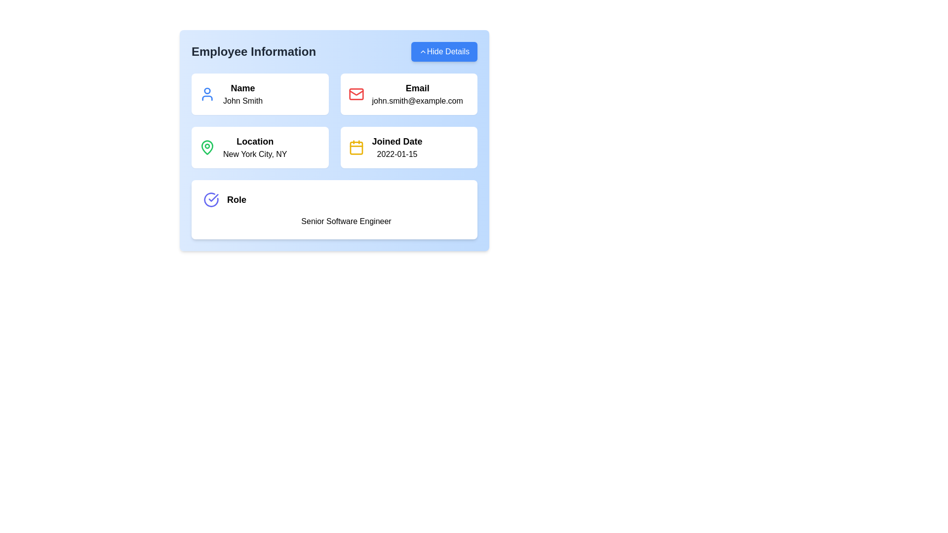  Describe the element at coordinates (417, 101) in the screenshot. I see `the text label displaying the email address 'john.smith@example.com', which is located below the 'Email' label and to the right of the red mail icon in the Employee Information section` at that location.